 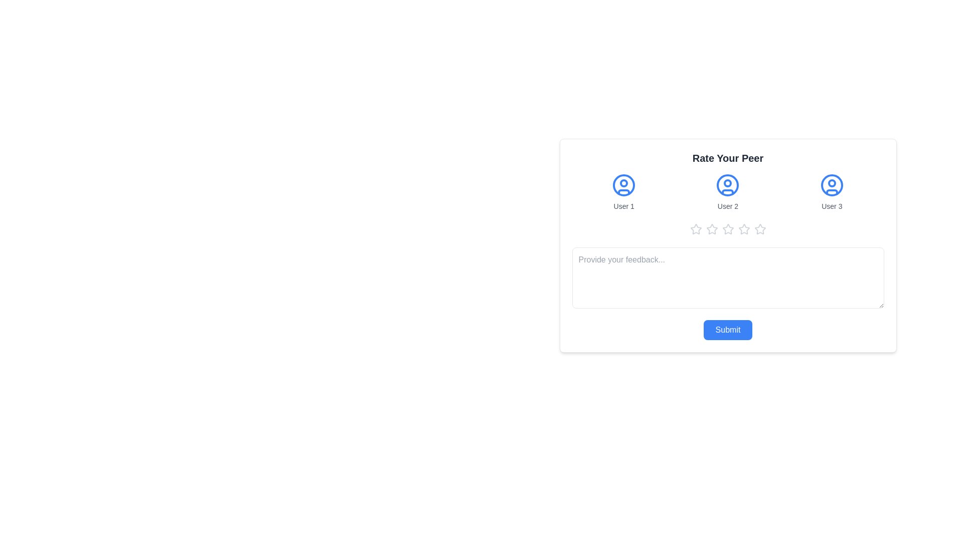 I want to click on the star corresponding to 4 to set the rating, so click(x=744, y=229).